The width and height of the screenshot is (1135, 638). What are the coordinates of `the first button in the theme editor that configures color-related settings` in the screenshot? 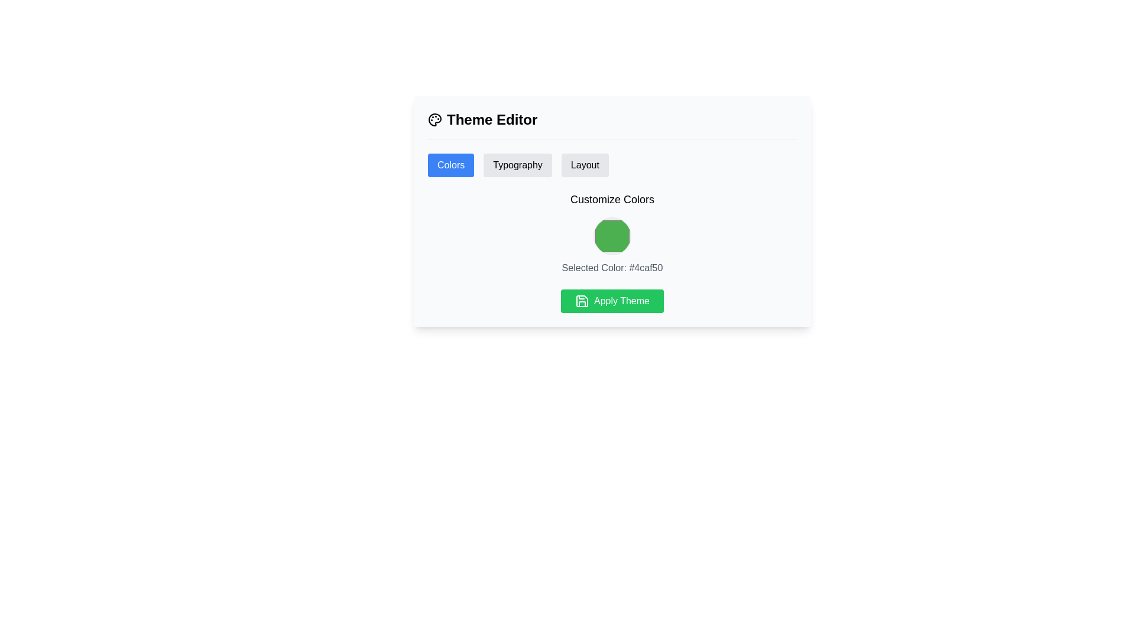 It's located at (450, 165).